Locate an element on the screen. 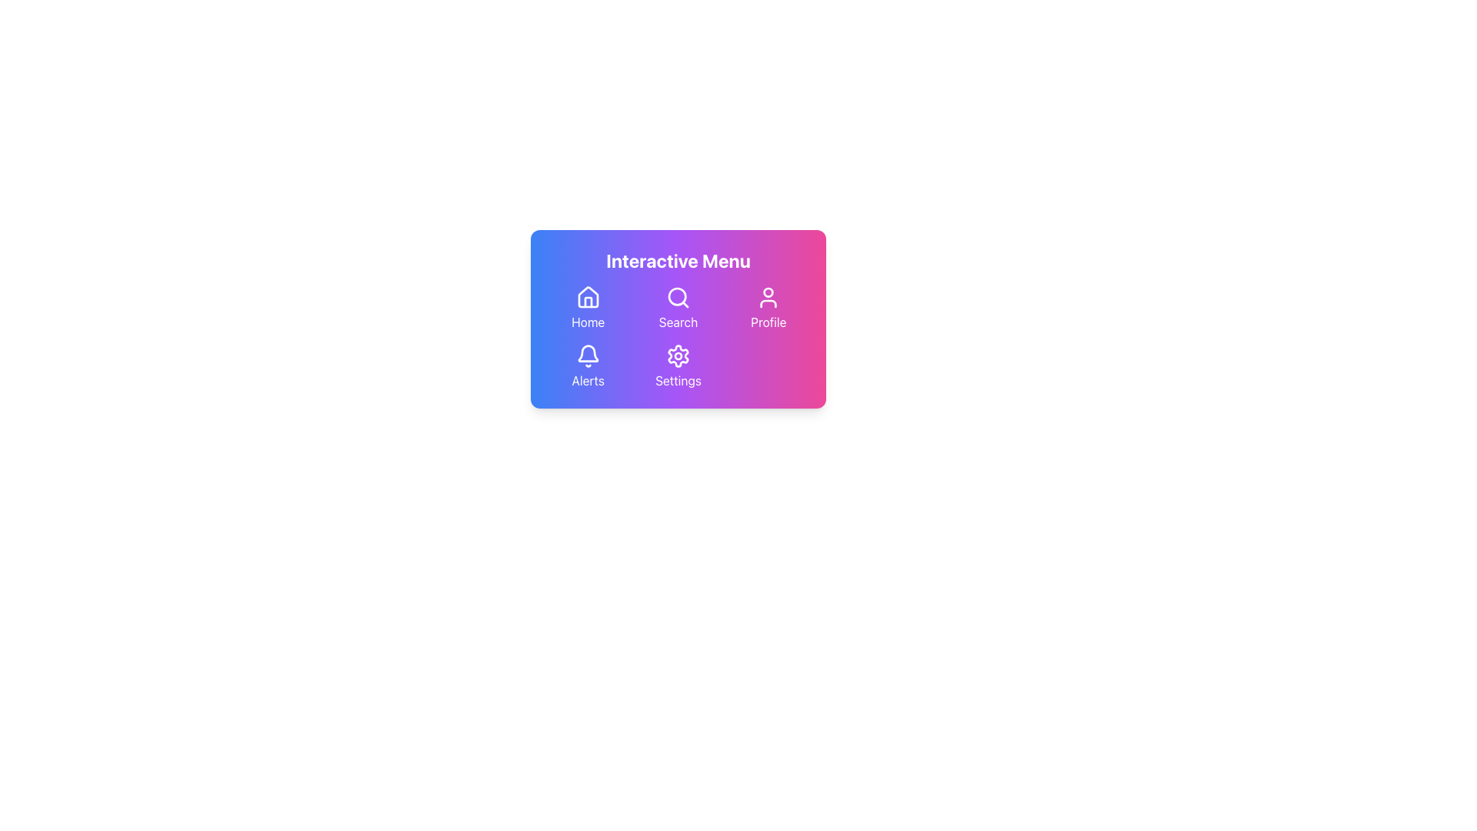 Image resolution: width=1477 pixels, height=831 pixels. the user profile icon located in the top-right of the interactive menu is located at coordinates (769, 297).